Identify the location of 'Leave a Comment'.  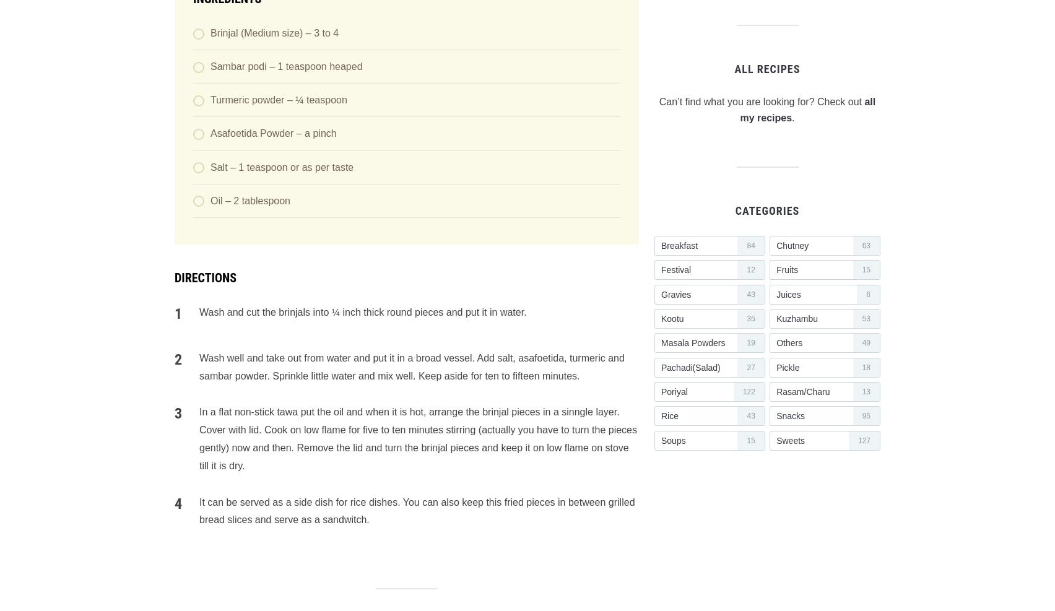
(238, 46).